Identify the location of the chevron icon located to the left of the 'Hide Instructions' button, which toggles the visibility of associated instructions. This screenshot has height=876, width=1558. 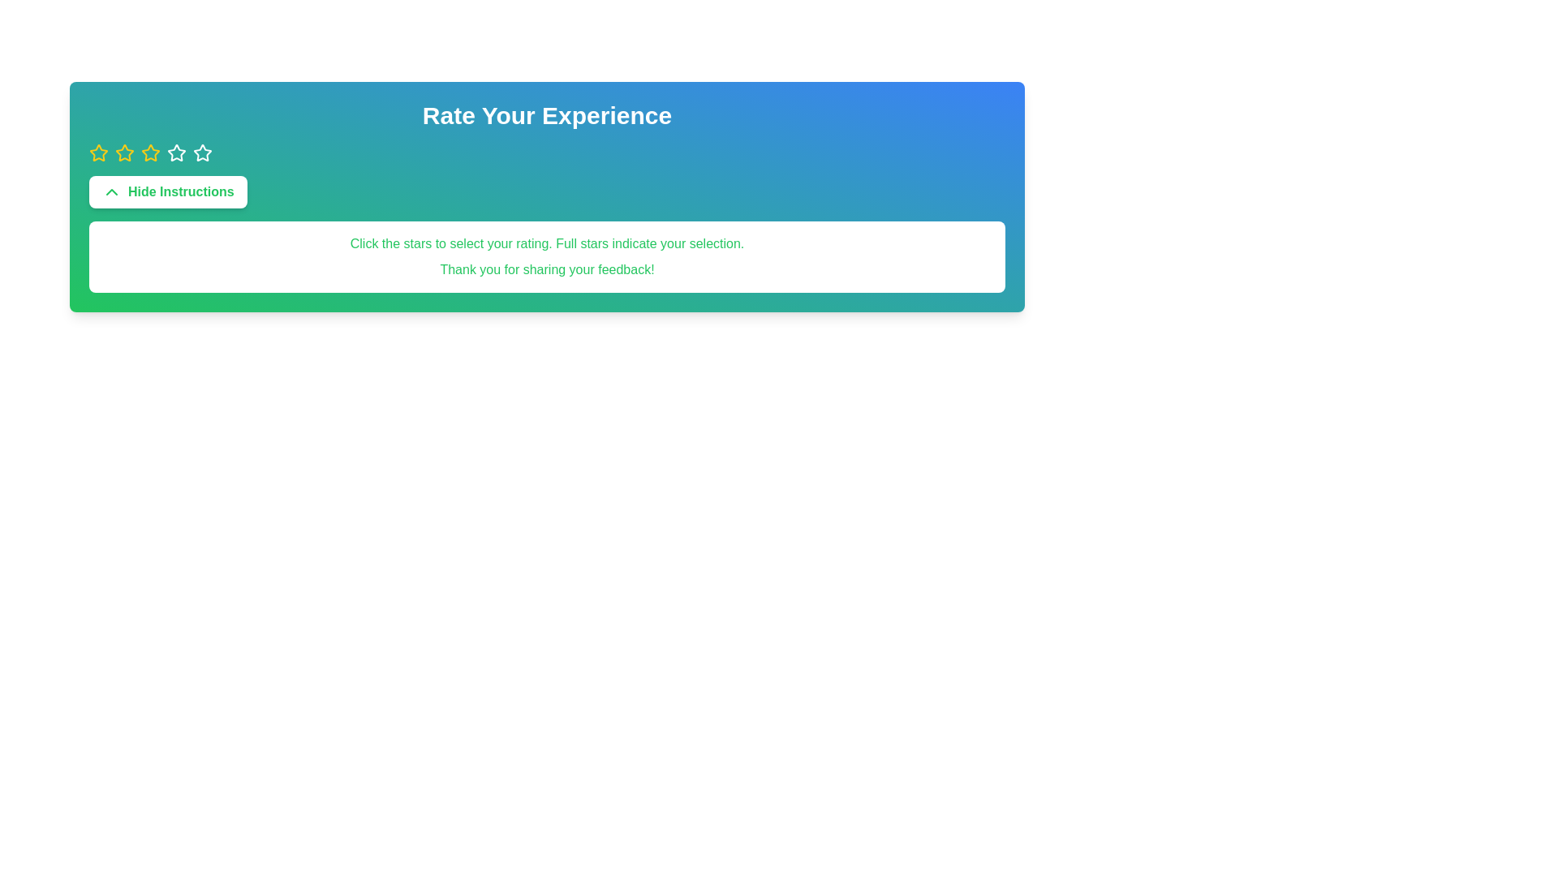
(111, 191).